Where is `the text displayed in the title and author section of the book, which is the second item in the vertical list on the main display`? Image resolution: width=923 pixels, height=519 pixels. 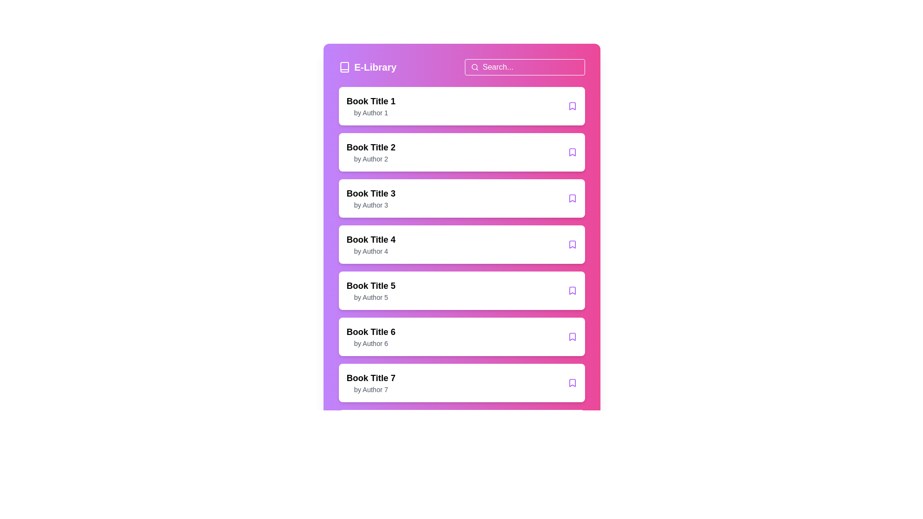
the text displayed in the title and author section of the book, which is the second item in the vertical list on the main display is located at coordinates (370, 151).